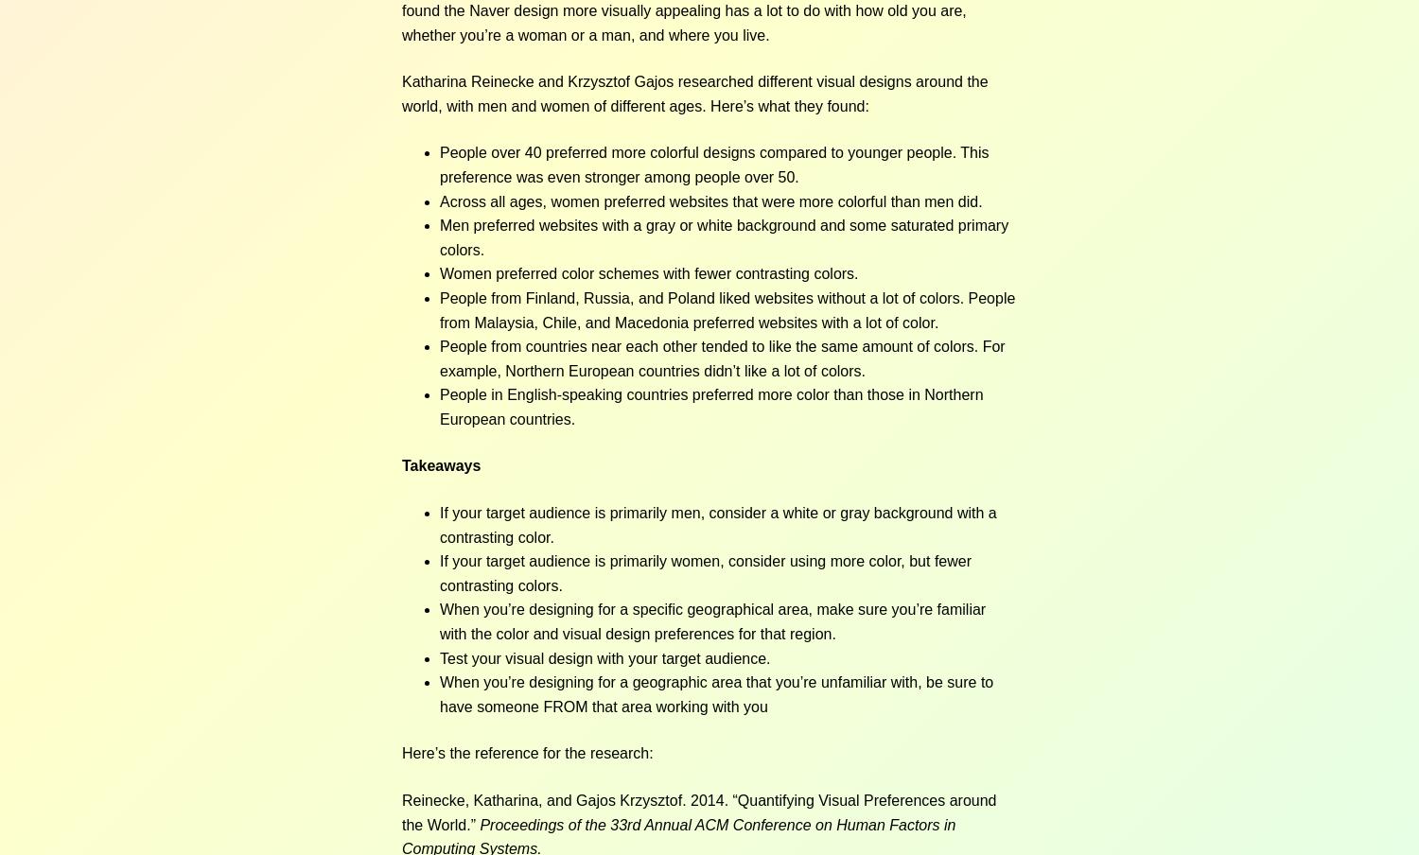  I want to click on 'Katharina Reinecke and Krzysztof Gajos researched different visual designs around the world, with men and women of different ages. Here’s what they found:', so click(693, 93).